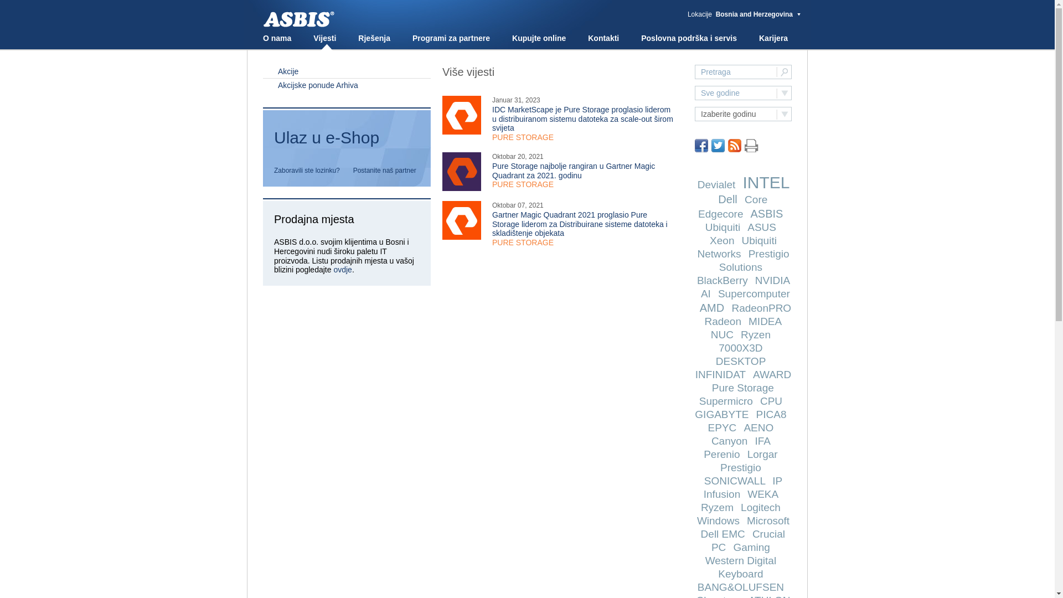 The height and width of the screenshot is (598, 1063). Describe the element at coordinates (720, 214) in the screenshot. I see `'Edgecore'` at that location.